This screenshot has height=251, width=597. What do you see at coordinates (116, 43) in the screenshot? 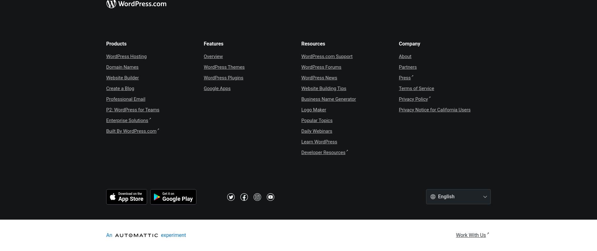
I see `'Products'` at bounding box center [116, 43].